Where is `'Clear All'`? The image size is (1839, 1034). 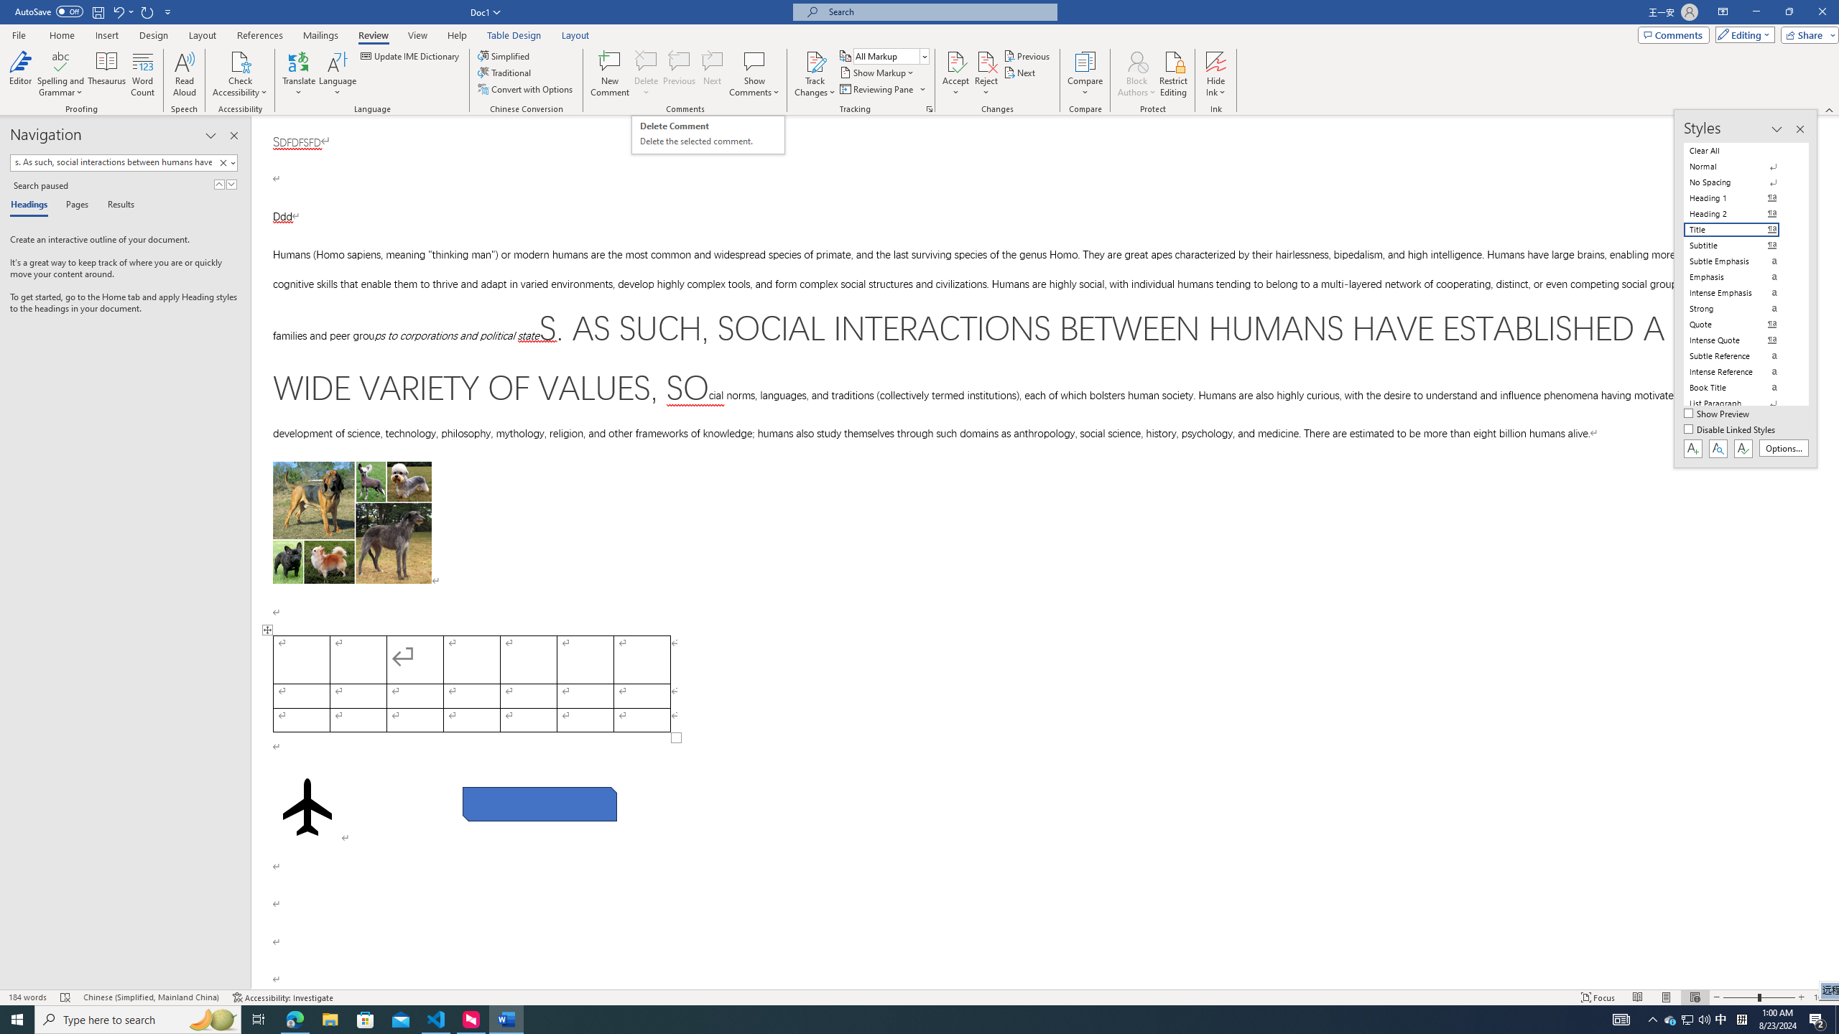 'Clear All' is located at coordinates (1740, 149).